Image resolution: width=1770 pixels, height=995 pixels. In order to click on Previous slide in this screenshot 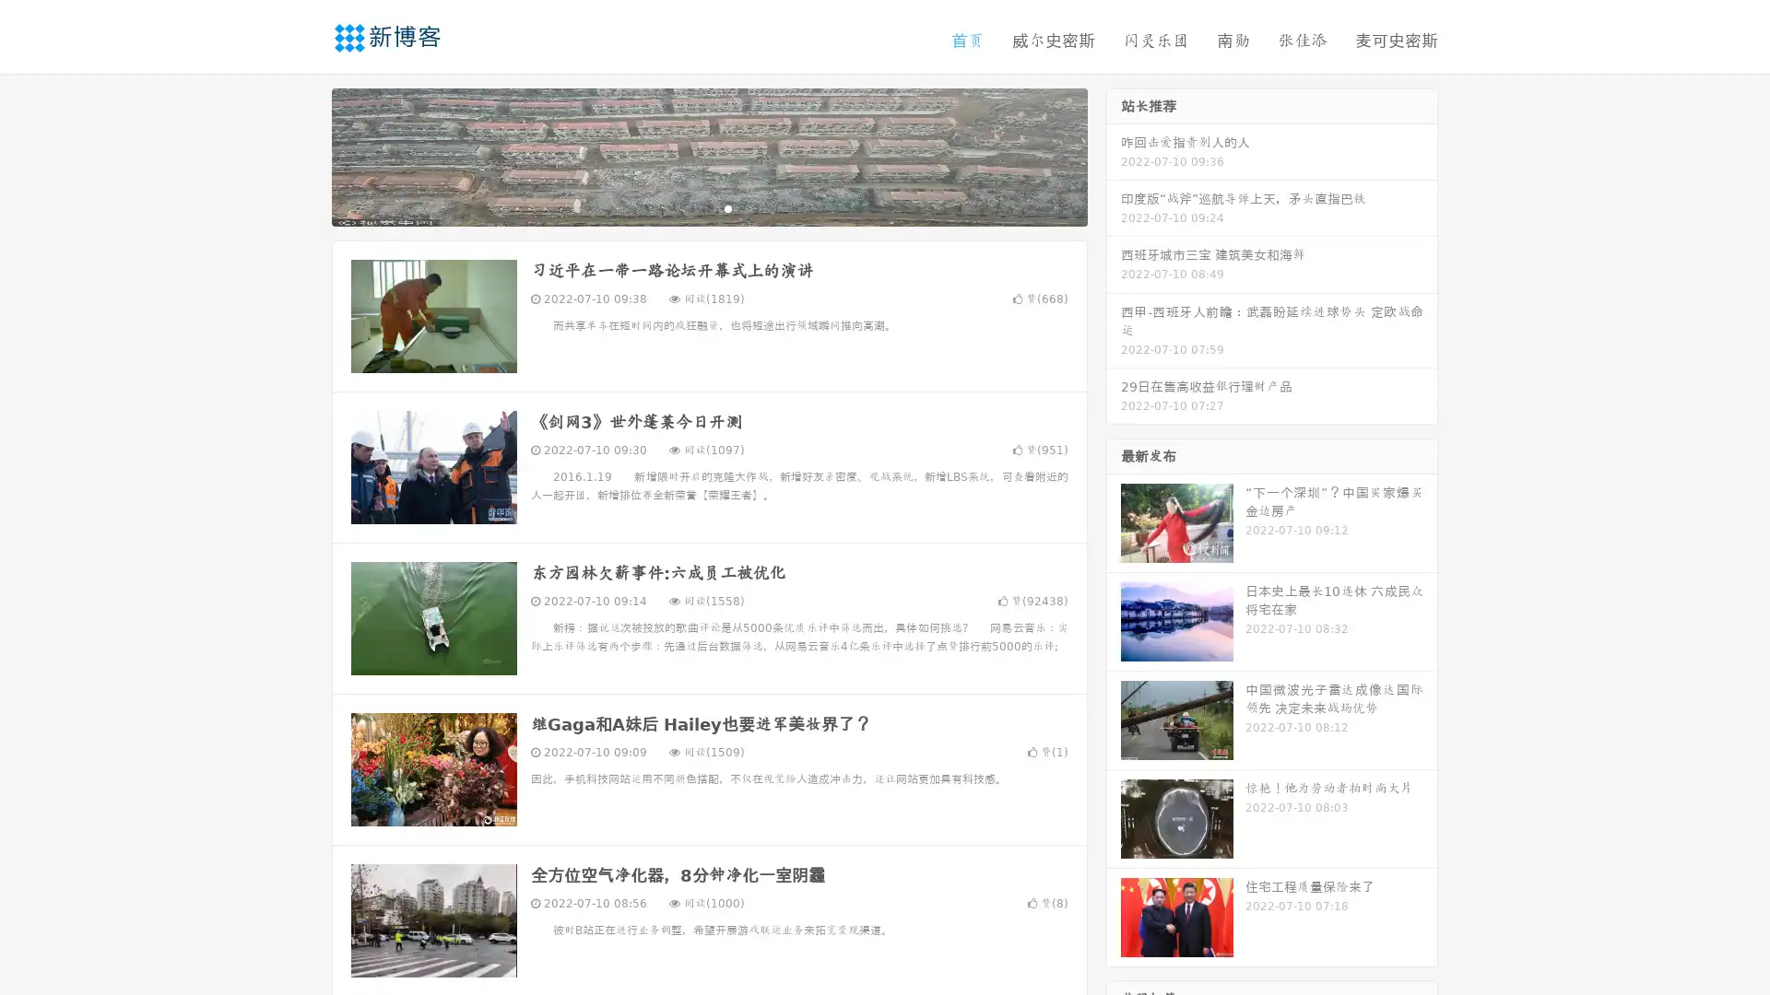, I will do `click(304, 155)`.